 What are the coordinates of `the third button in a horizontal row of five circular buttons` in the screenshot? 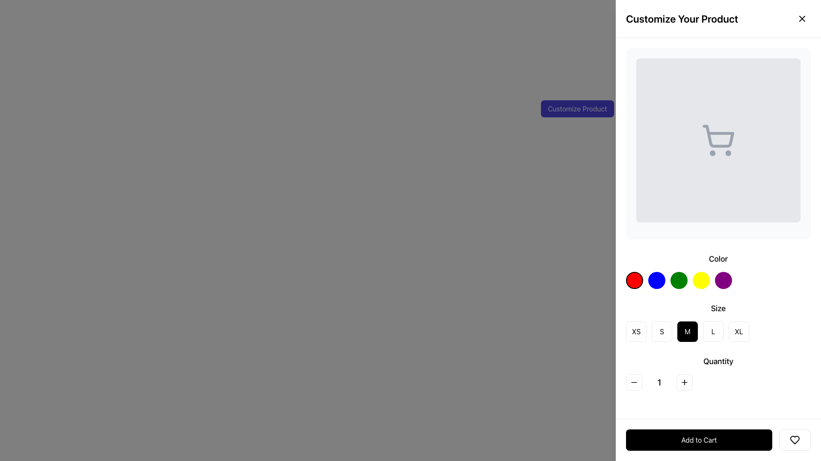 It's located at (679, 280).